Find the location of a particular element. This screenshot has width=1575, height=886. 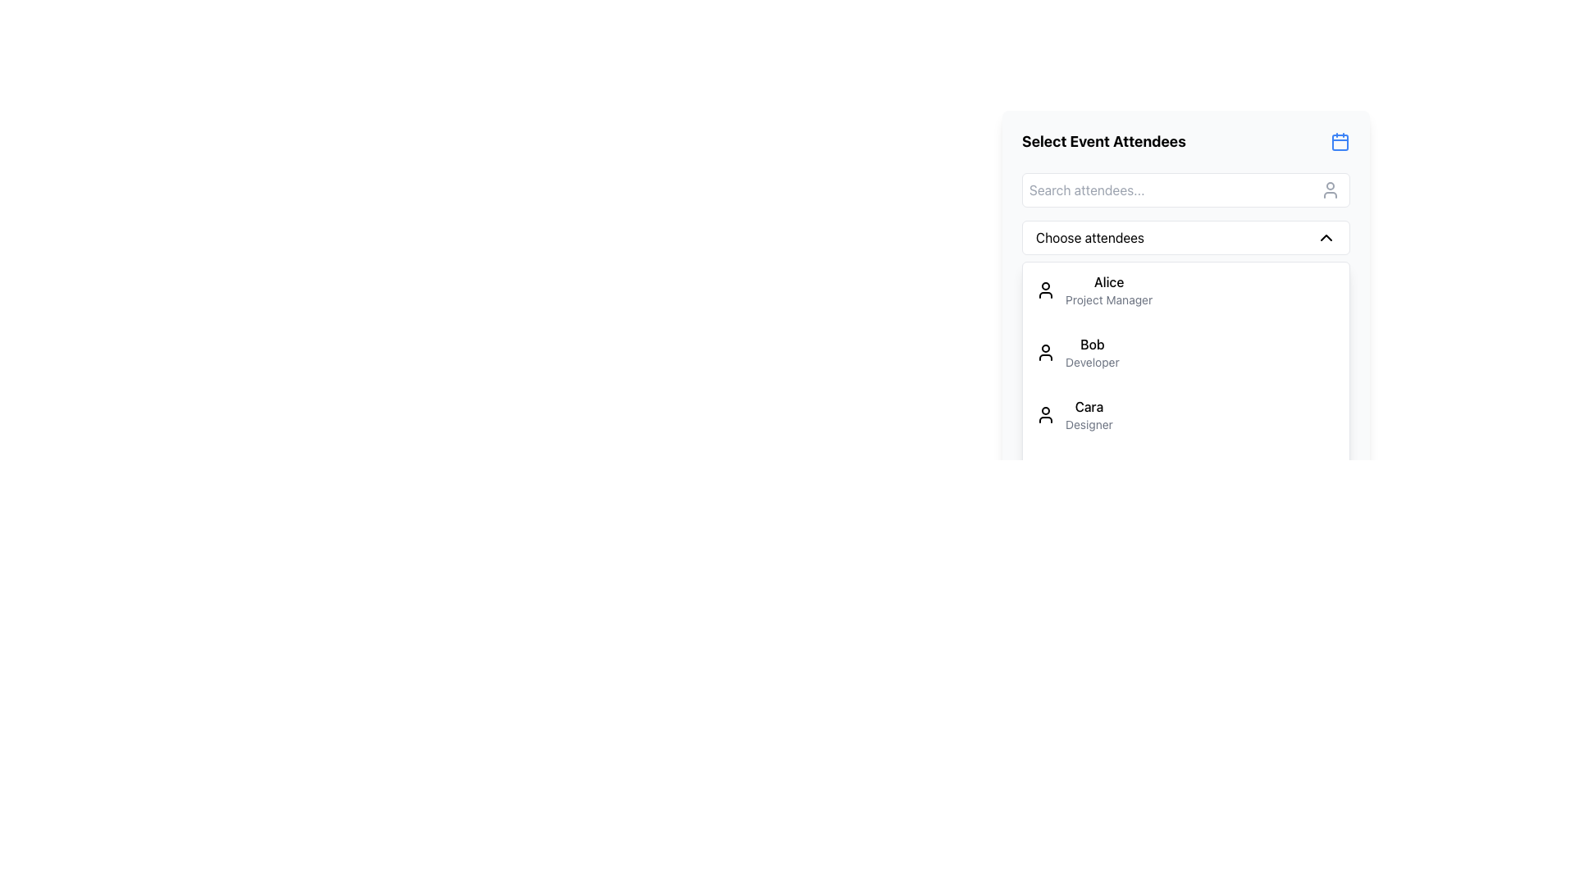

the text label that reads 'Select Event Attendees', which is prominently styled in bold and located at the top of the panel interface is located at coordinates (1103, 141).